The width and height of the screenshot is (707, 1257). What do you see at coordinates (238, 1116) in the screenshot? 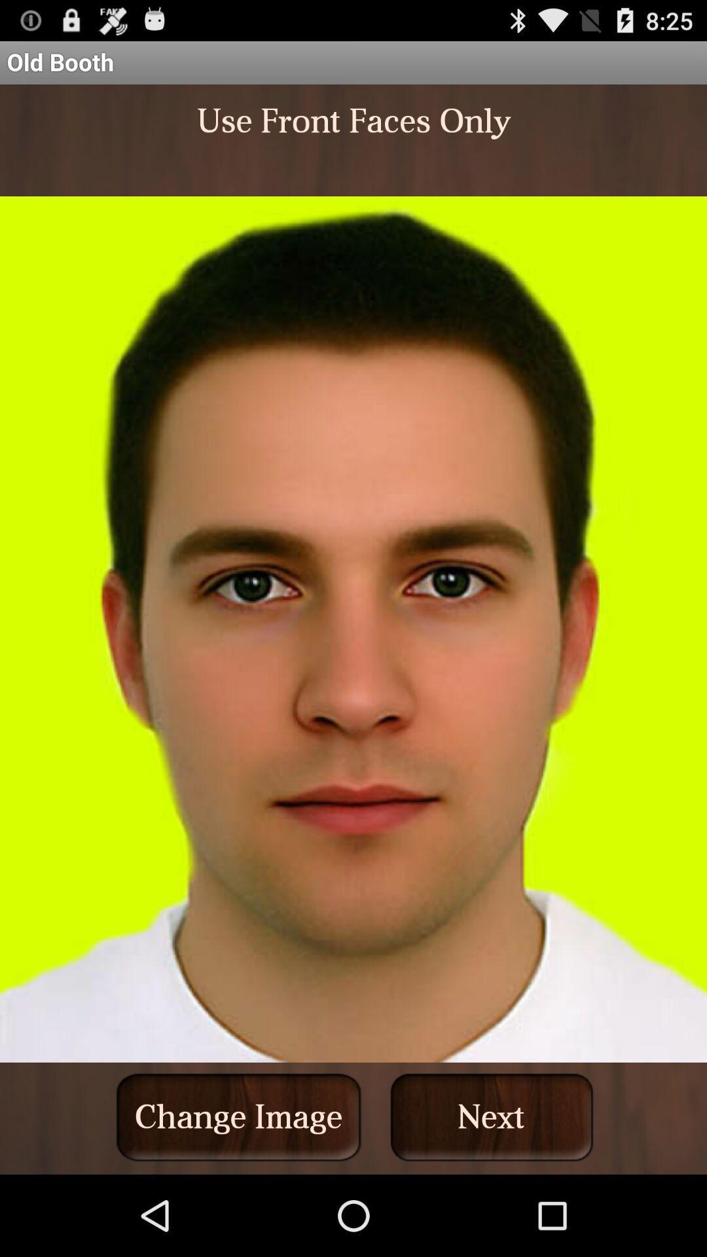
I see `the button to the left of next` at bounding box center [238, 1116].